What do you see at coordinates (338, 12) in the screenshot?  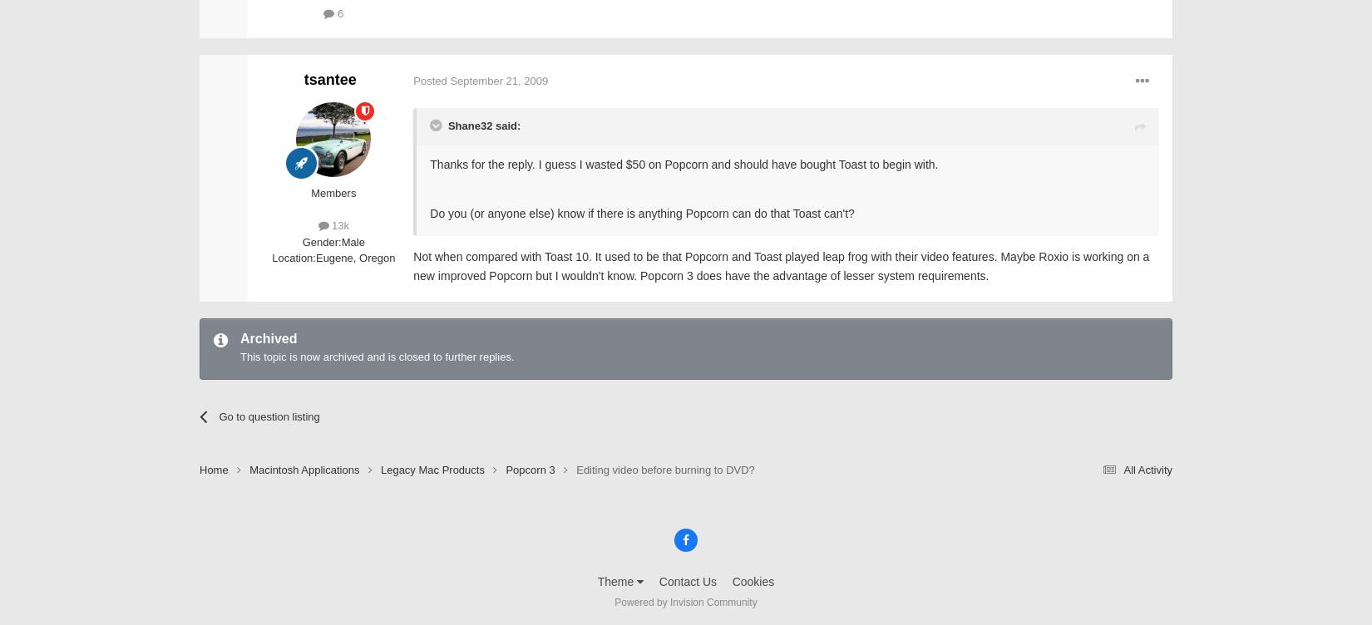 I see `'6'` at bounding box center [338, 12].